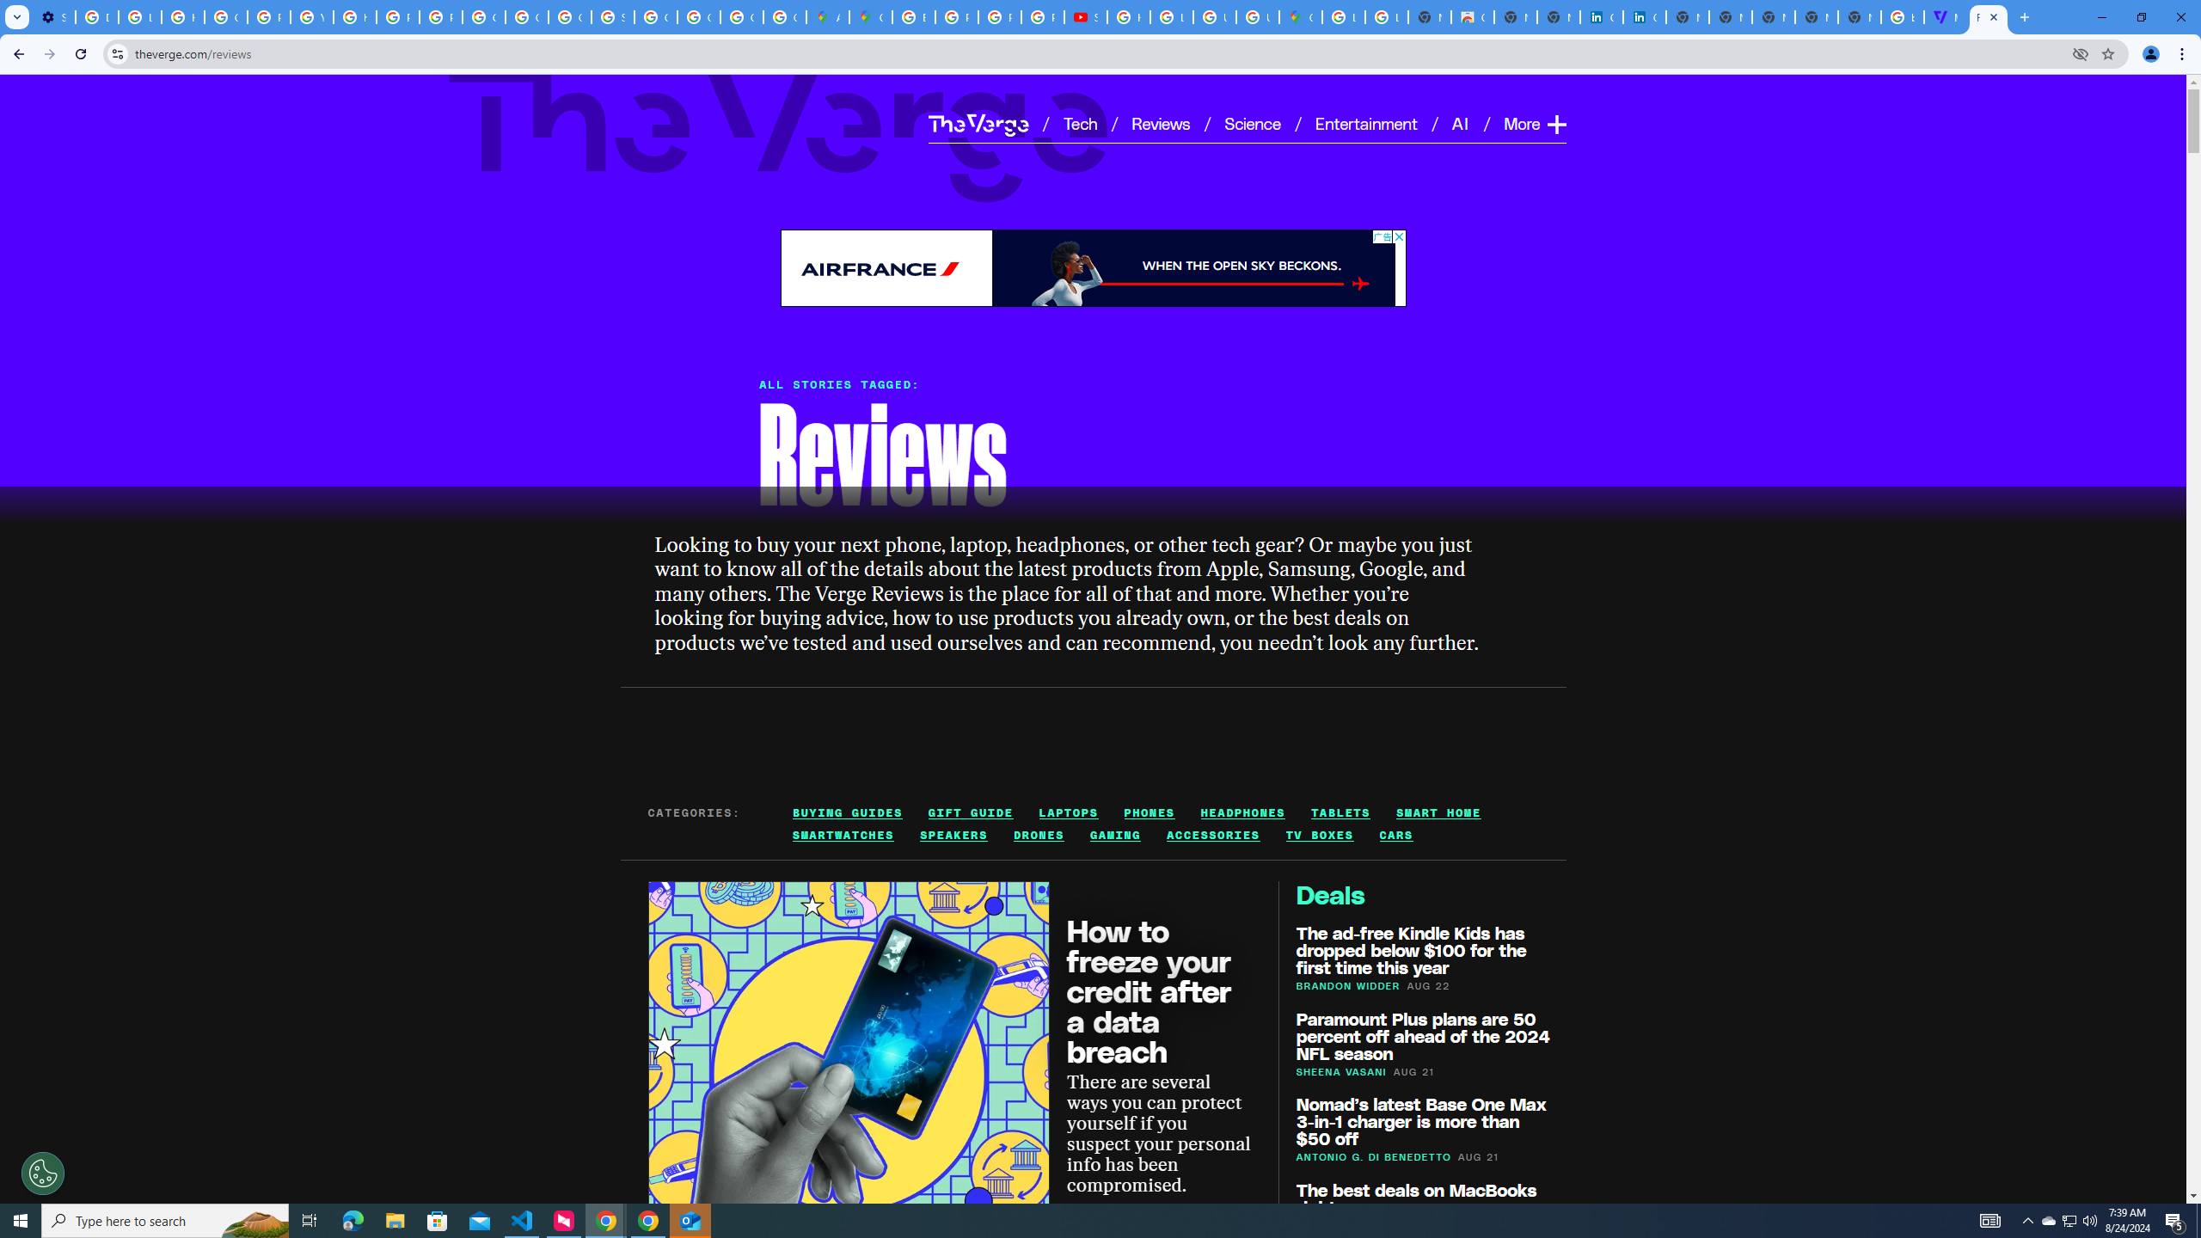 The height and width of the screenshot is (1238, 2201). What do you see at coordinates (1318, 836) in the screenshot?
I see `'TV BOXES'` at bounding box center [1318, 836].